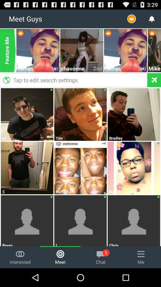 The image size is (161, 287). Describe the element at coordinates (154, 68) in the screenshot. I see `the app to the right of the tap to edit icon` at that location.